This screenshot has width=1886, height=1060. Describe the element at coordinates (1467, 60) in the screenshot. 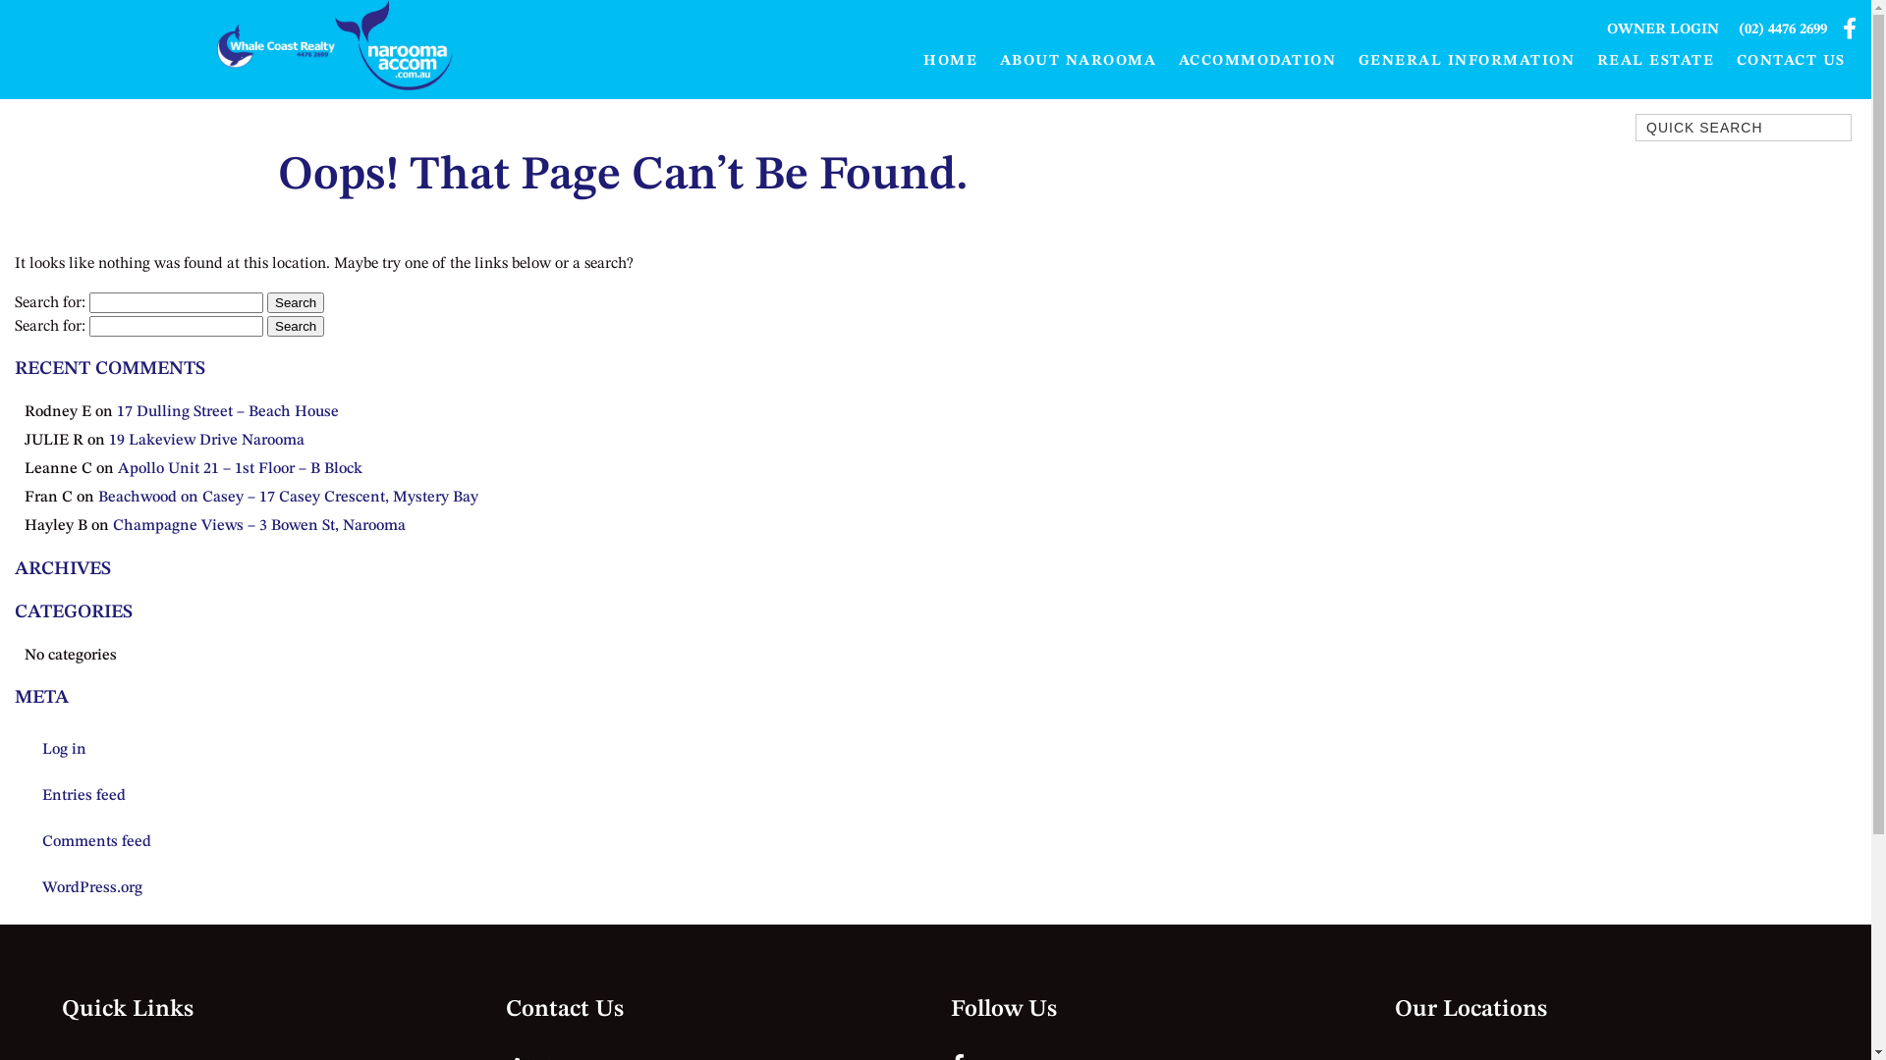

I see `'GENERAL INFORMATION'` at that location.